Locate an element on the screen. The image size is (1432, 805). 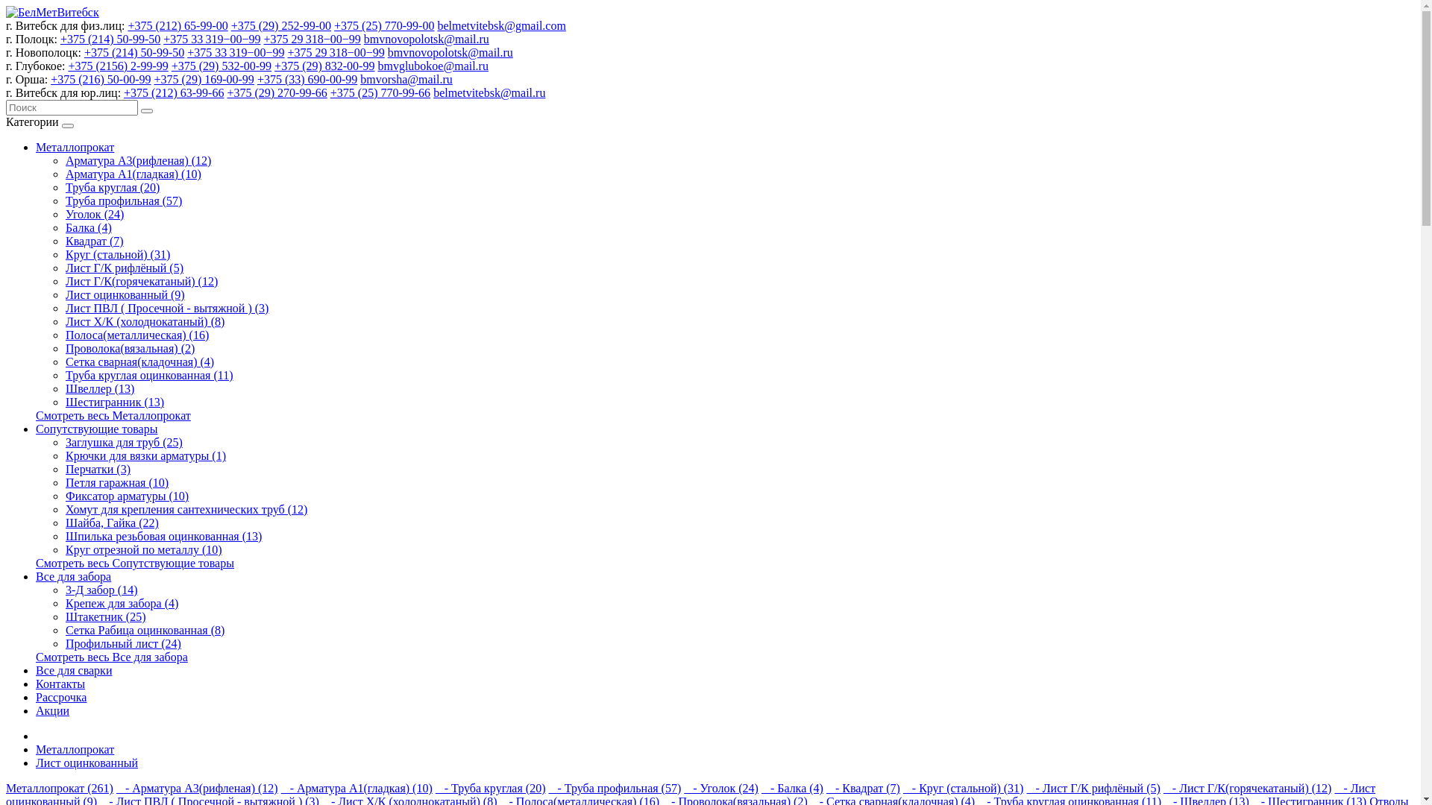
'+375 (29) 270-99-66' is located at coordinates (225, 92).